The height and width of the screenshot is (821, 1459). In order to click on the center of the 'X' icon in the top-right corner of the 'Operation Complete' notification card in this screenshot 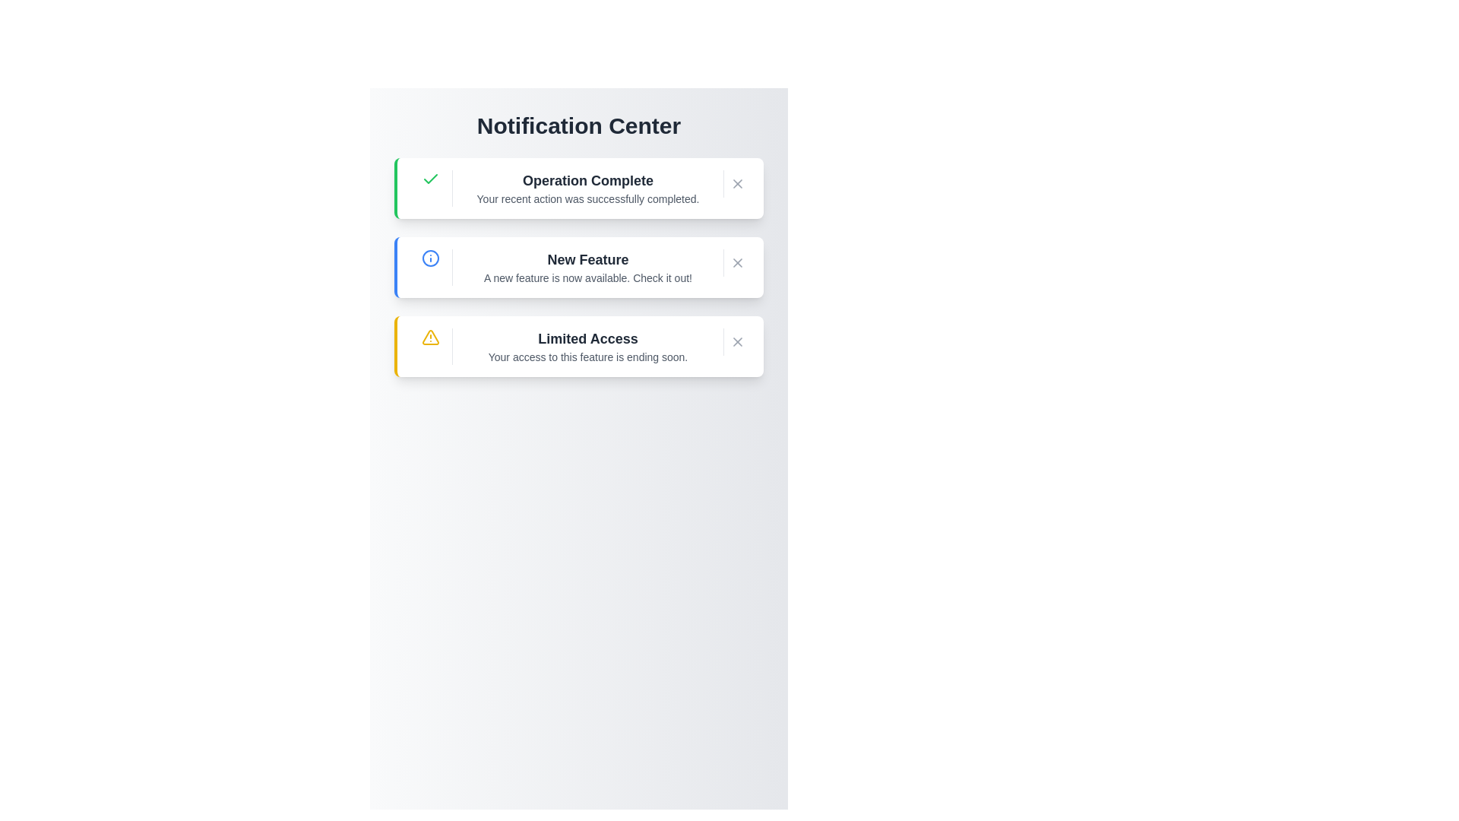, I will do `click(737, 183)`.